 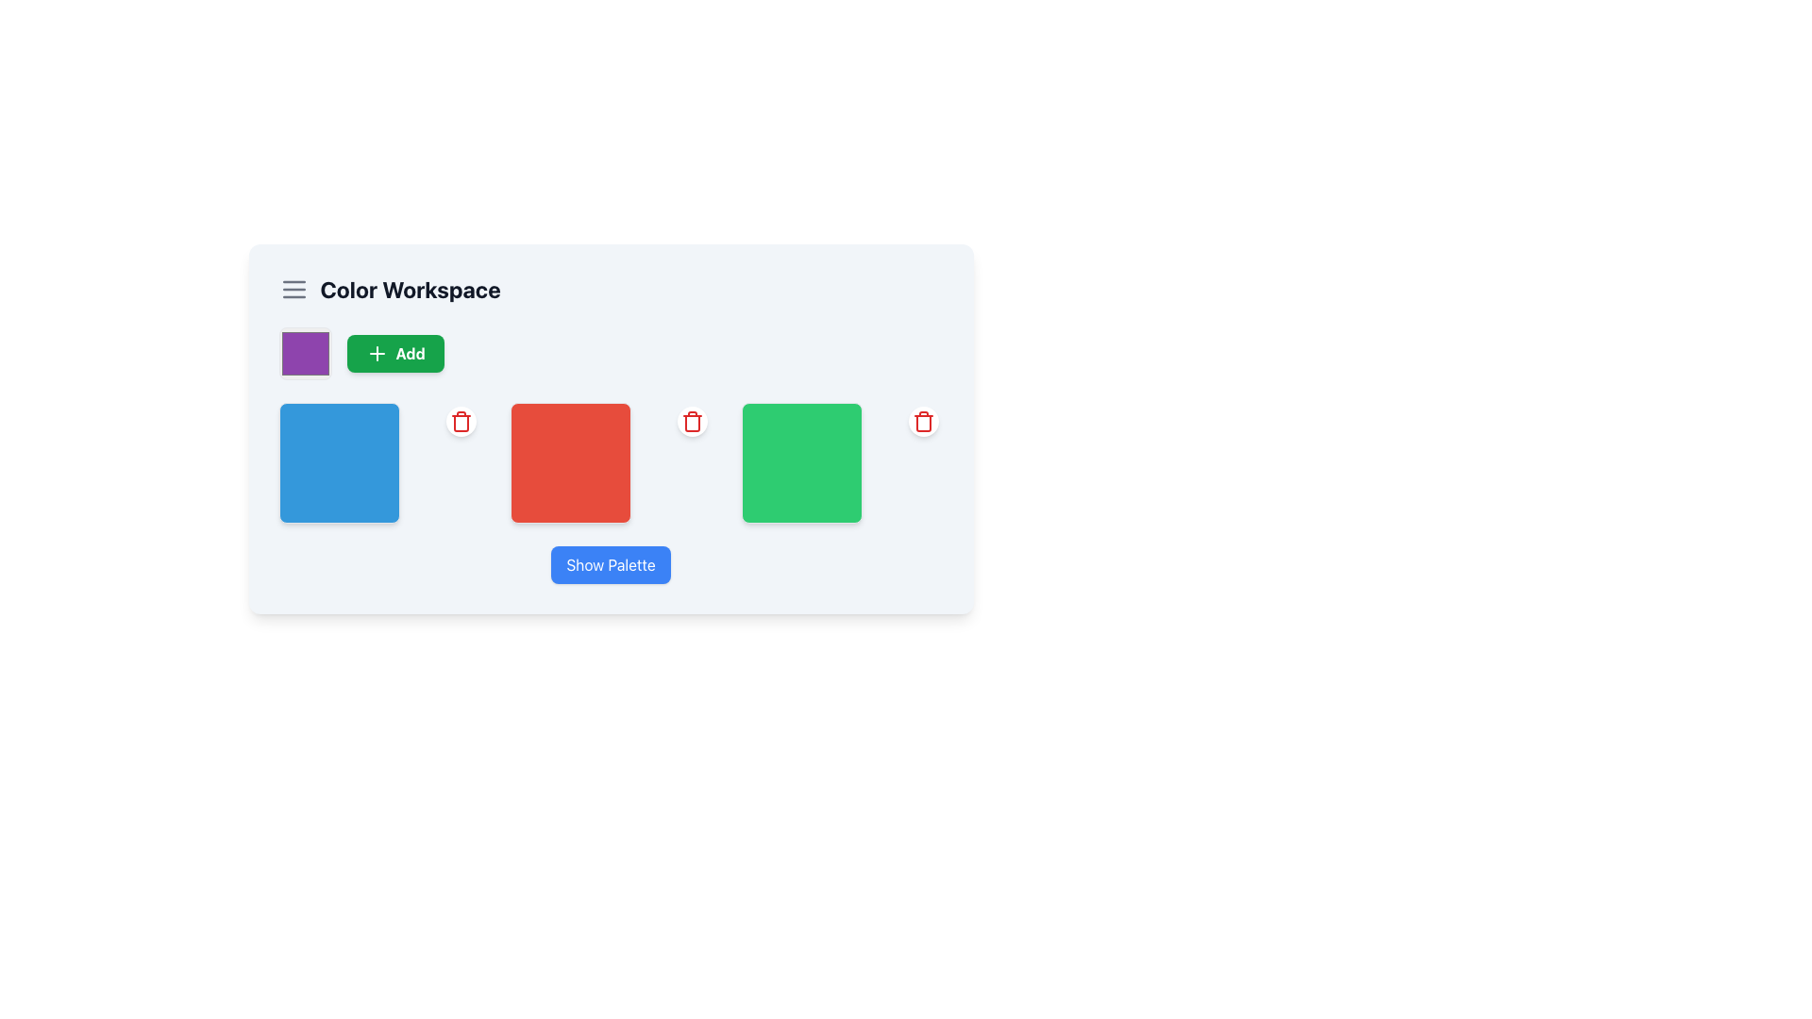 What do you see at coordinates (692, 421) in the screenshot?
I see `the white circular button with a red trash can icon` at bounding box center [692, 421].